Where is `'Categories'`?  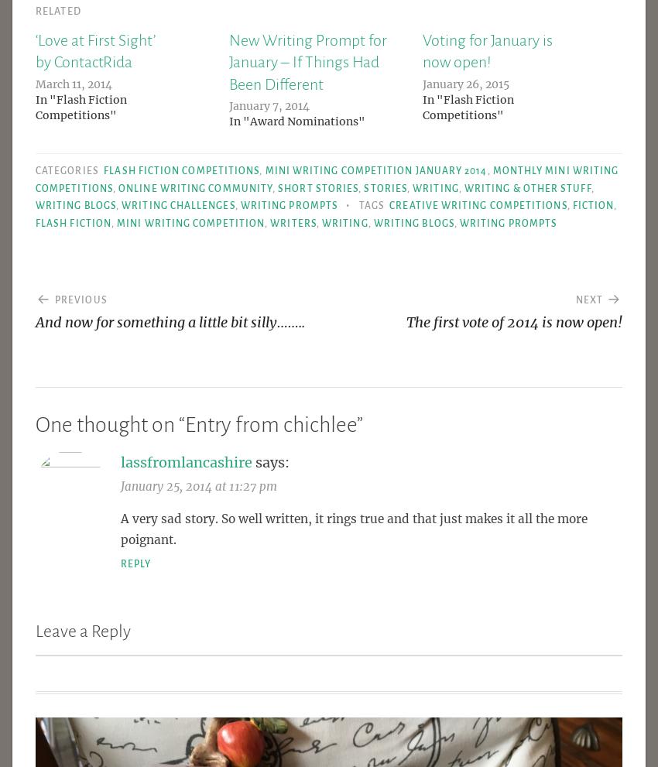
'Categories' is located at coordinates (67, 169).